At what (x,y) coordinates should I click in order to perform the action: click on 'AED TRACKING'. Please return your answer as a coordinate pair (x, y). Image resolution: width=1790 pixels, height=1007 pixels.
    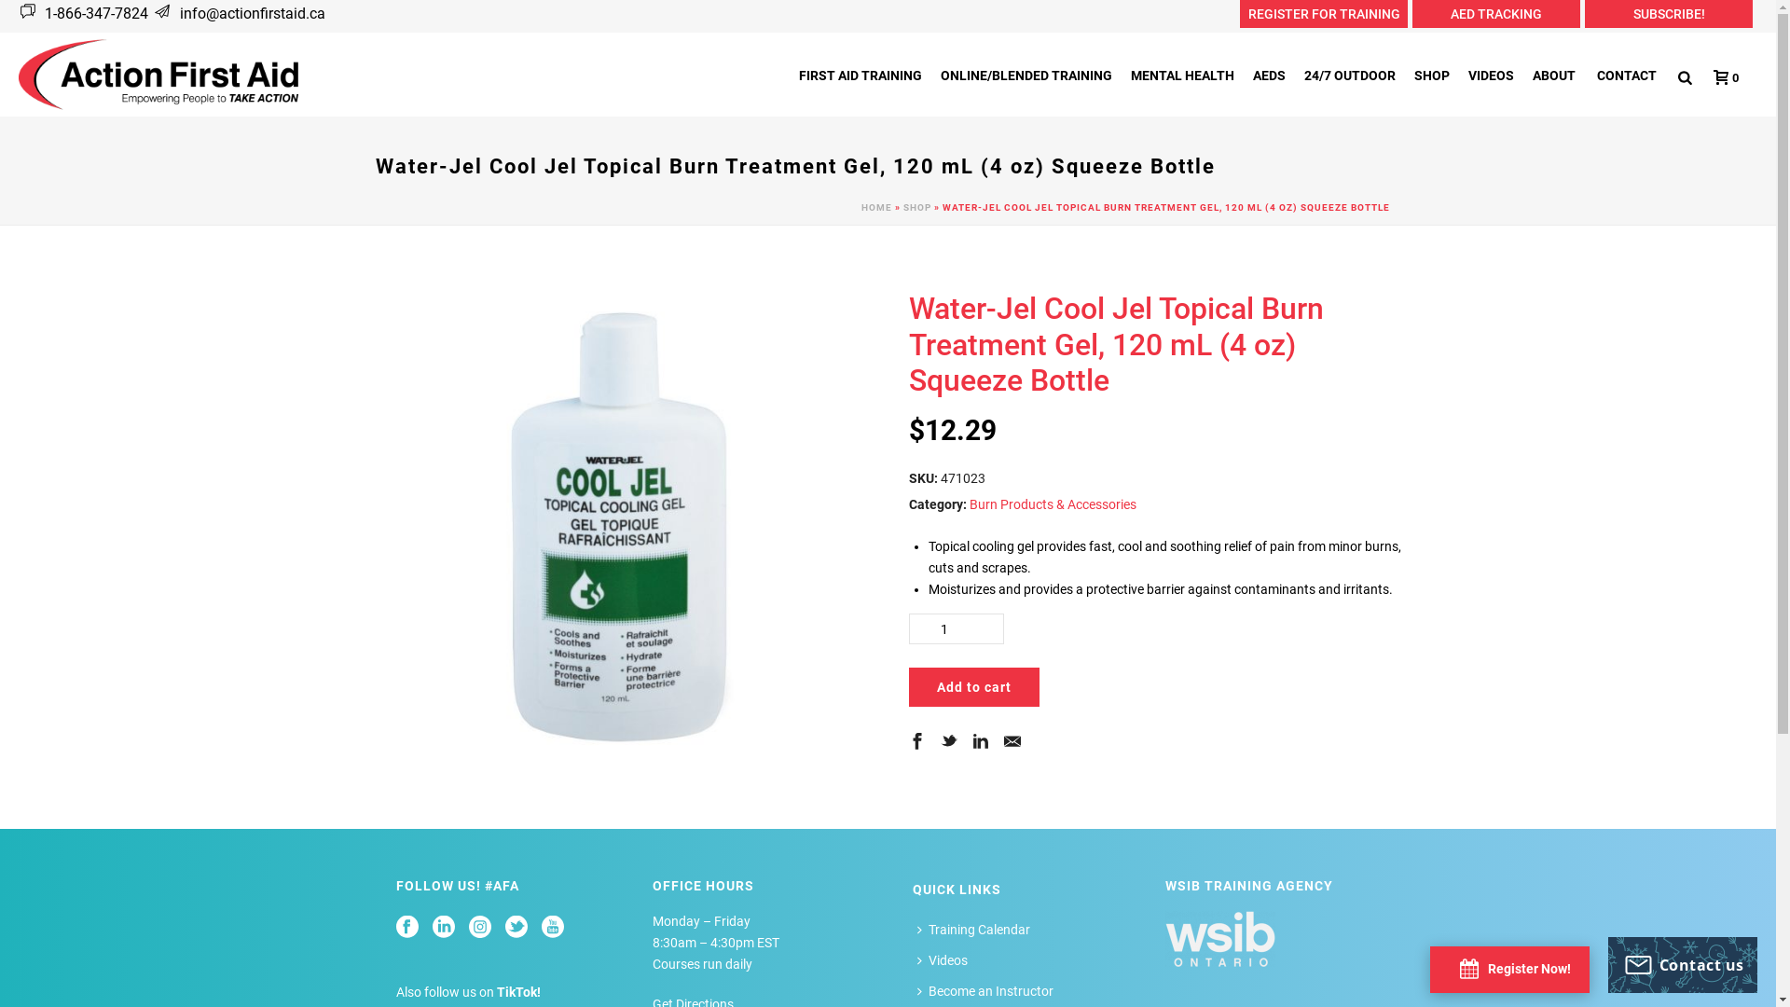
    Looking at the image, I should click on (1495, 14).